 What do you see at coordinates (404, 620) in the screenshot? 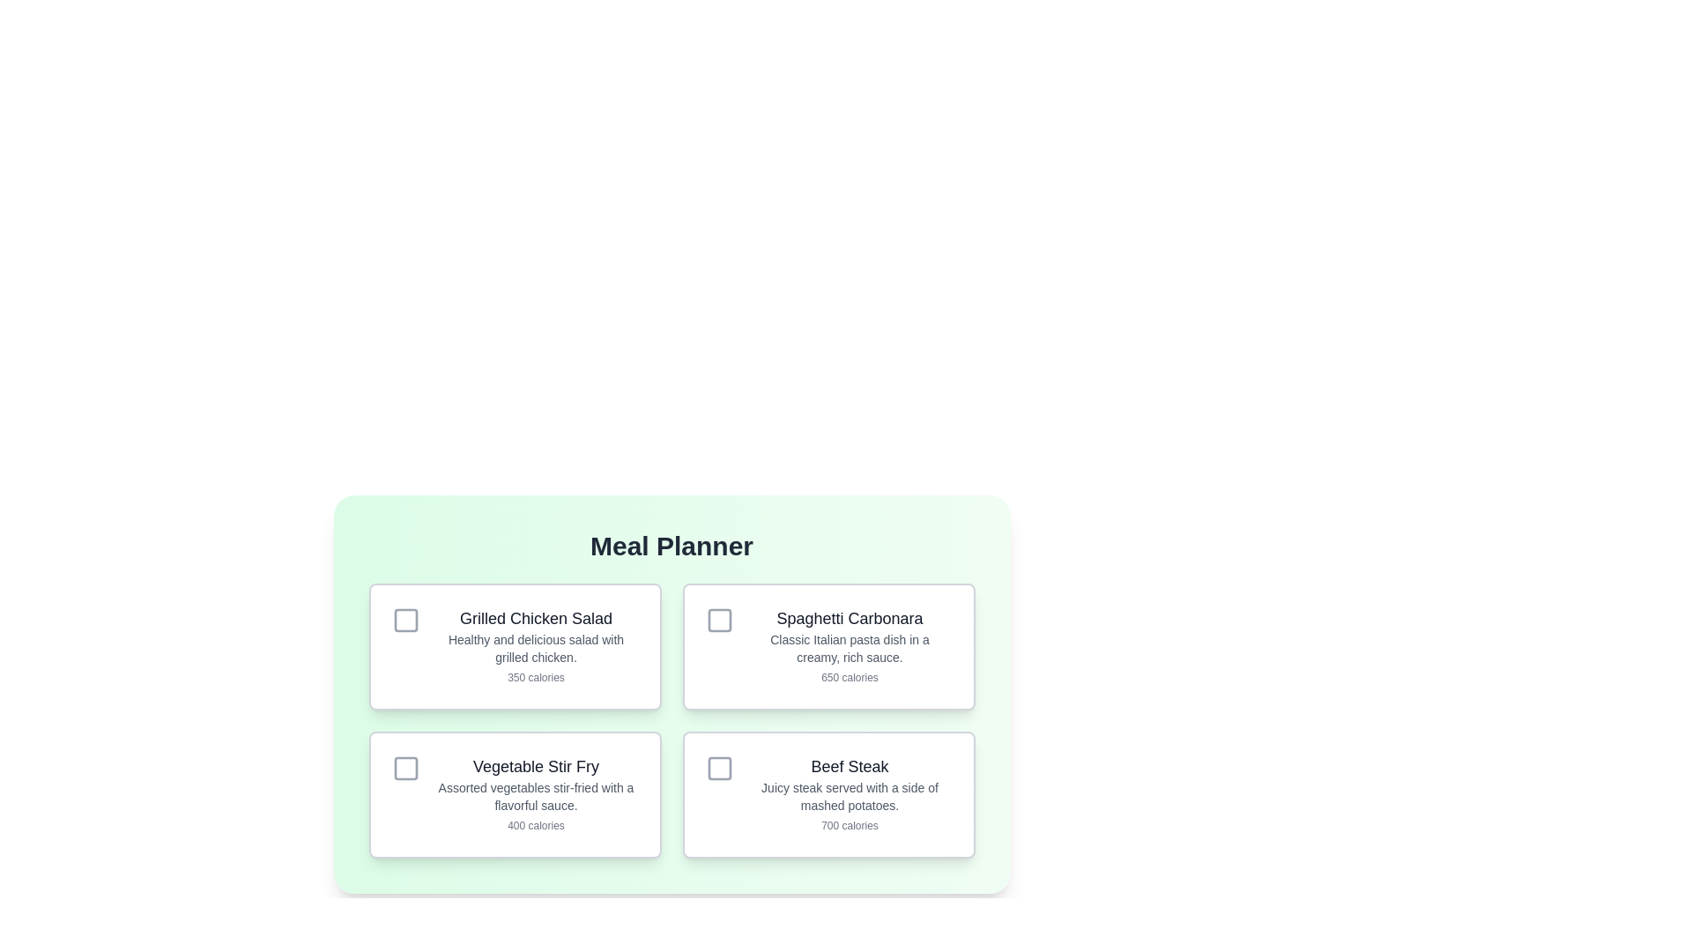
I see `the first checkbox for the 'Grilled Chicken Salad' option in the meal planner, located in the top-left corner of the grid layout` at bounding box center [404, 620].